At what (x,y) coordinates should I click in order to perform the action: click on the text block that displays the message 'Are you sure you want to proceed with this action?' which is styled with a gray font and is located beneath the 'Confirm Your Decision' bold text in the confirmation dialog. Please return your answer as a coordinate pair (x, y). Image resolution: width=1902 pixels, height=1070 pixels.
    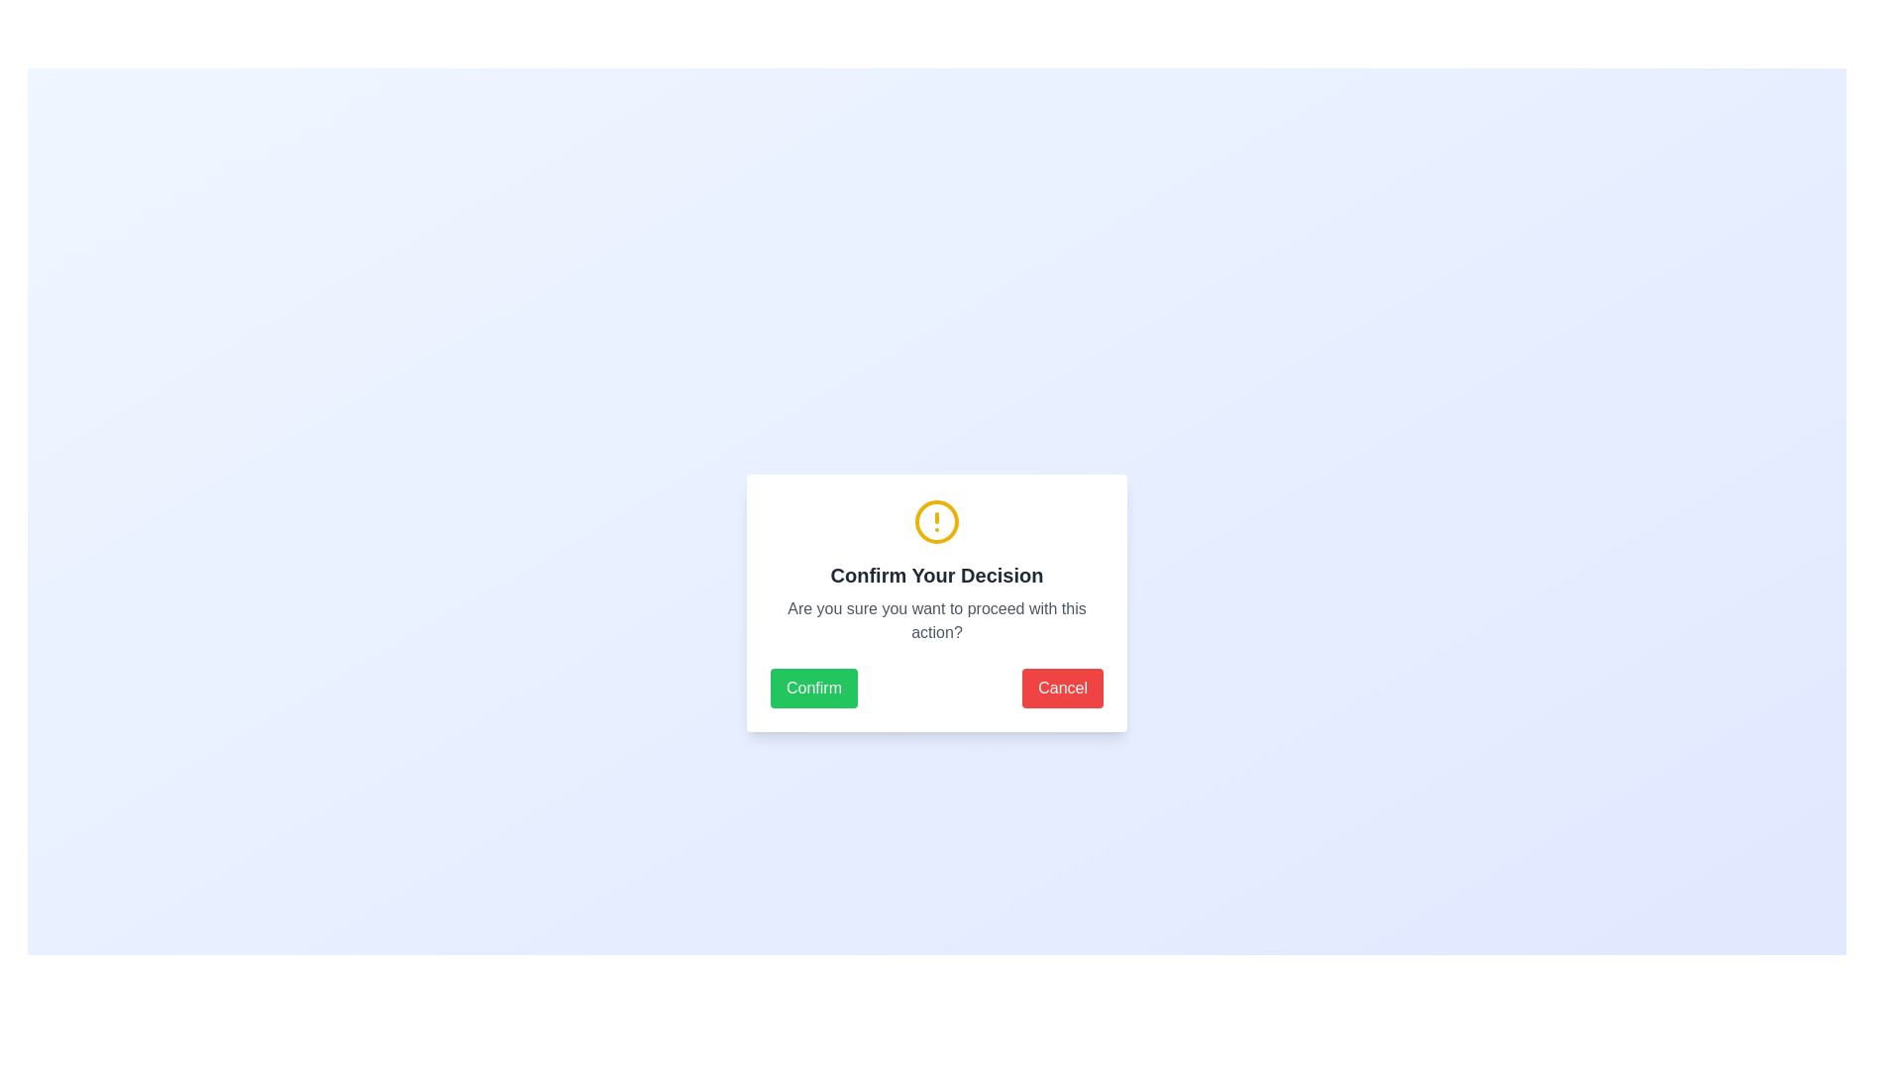
    Looking at the image, I should click on (935, 620).